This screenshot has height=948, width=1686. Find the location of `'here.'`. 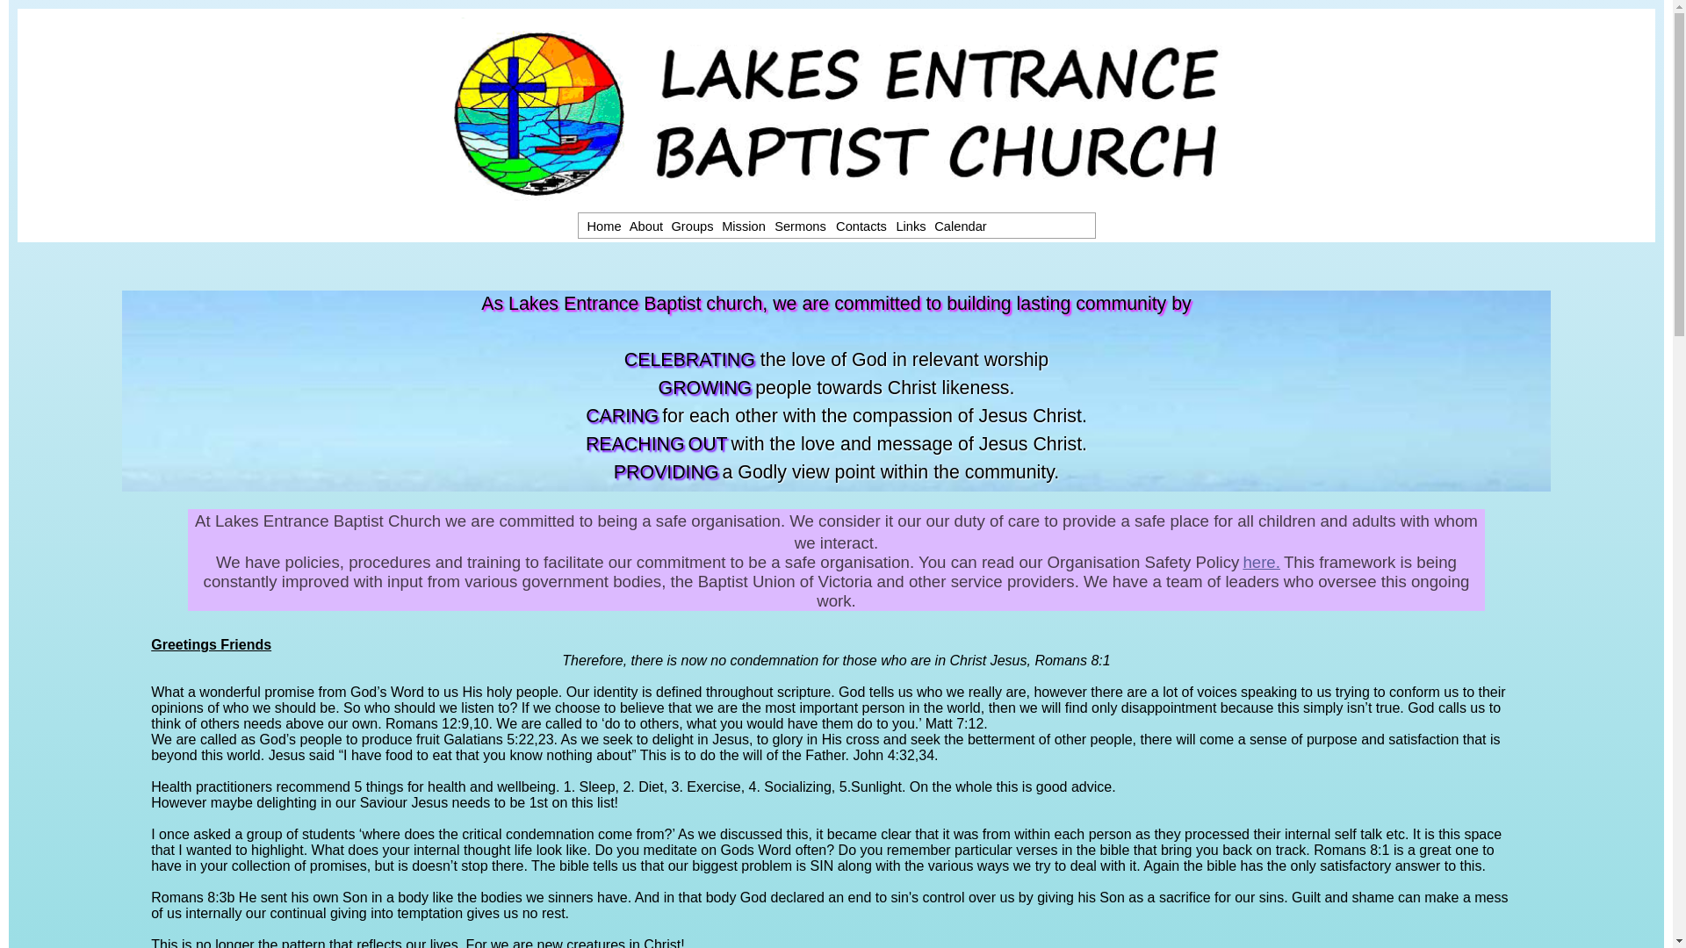

'here.' is located at coordinates (1260, 562).